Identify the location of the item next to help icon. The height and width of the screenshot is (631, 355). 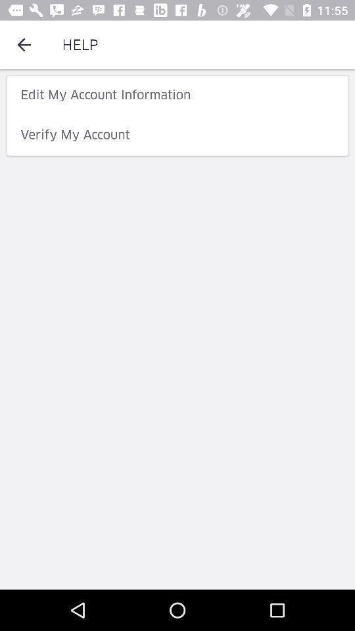
(24, 45).